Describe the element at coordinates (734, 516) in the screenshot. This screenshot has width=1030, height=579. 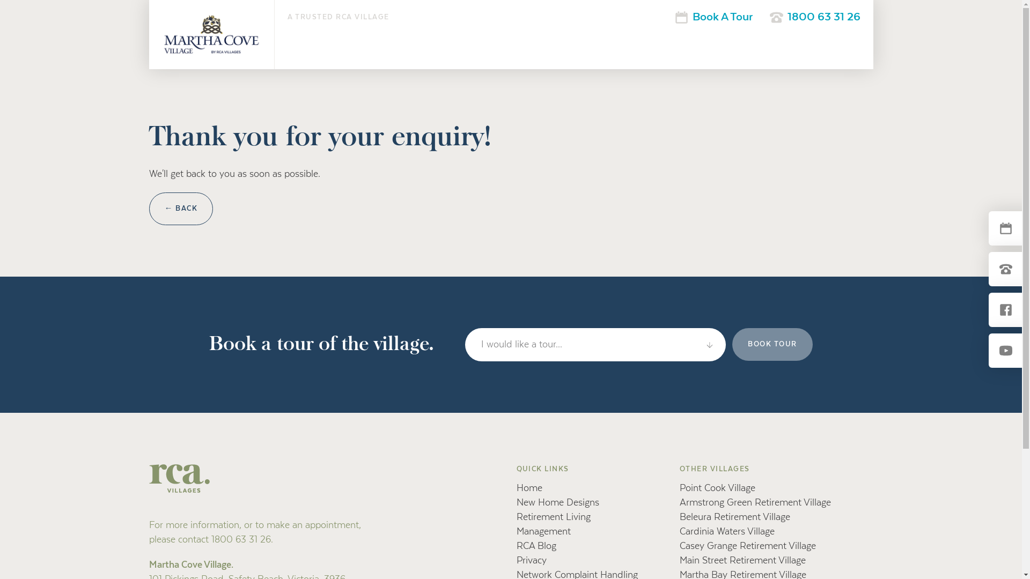
I see `'Beleura Retirement Village'` at that location.